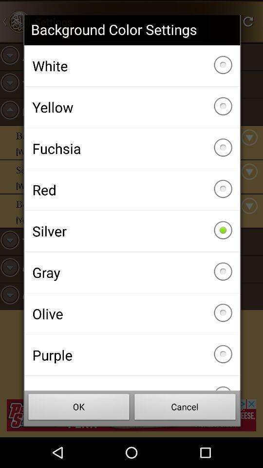  I want to click on checkbox below the maroon icon, so click(78, 408).